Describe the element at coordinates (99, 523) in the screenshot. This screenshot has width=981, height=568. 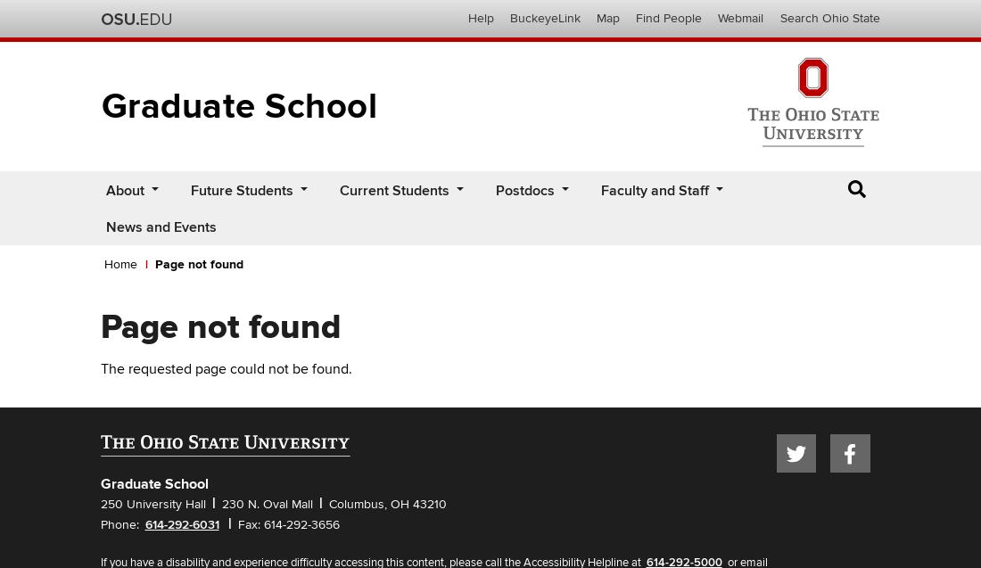
I see `'Phone:'` at that location.